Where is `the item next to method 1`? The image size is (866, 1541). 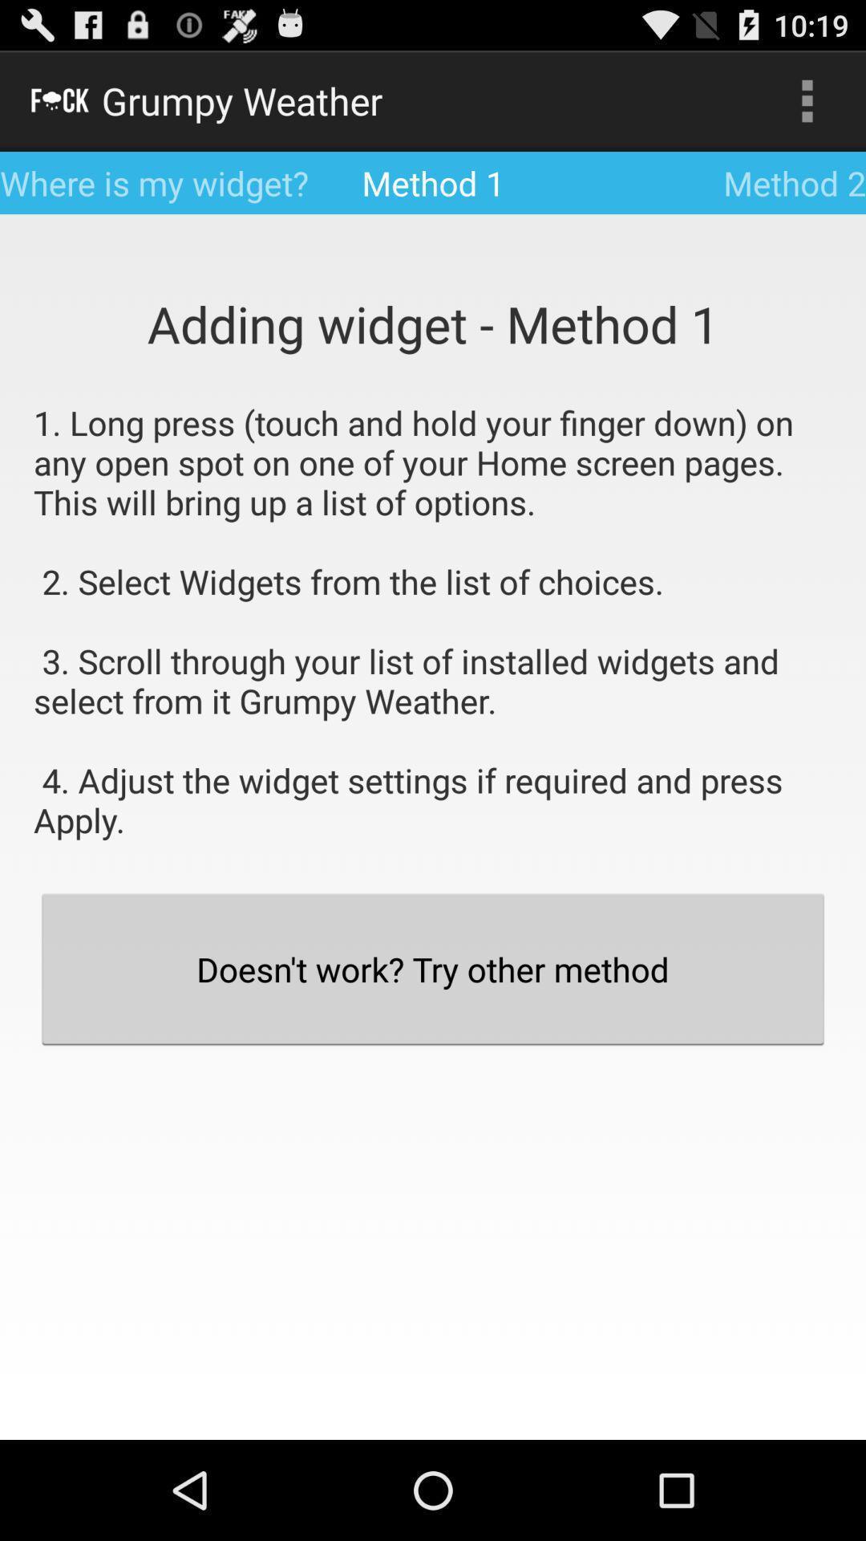 the item next to method 1 is located at coordinates (807, 100).